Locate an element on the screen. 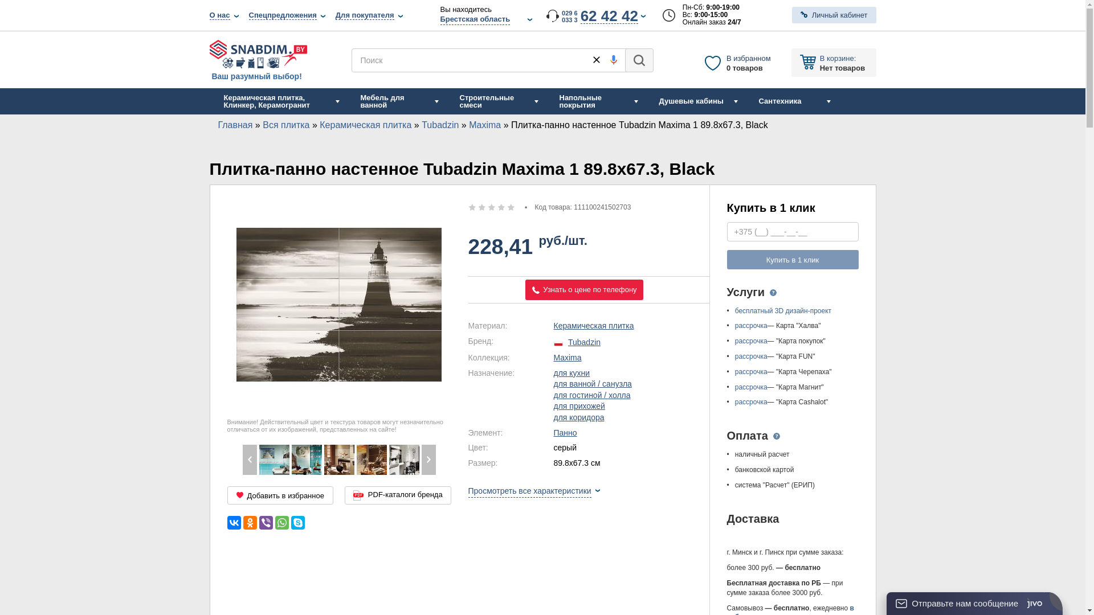  'Maxima' is located at coordinates (372, 459).